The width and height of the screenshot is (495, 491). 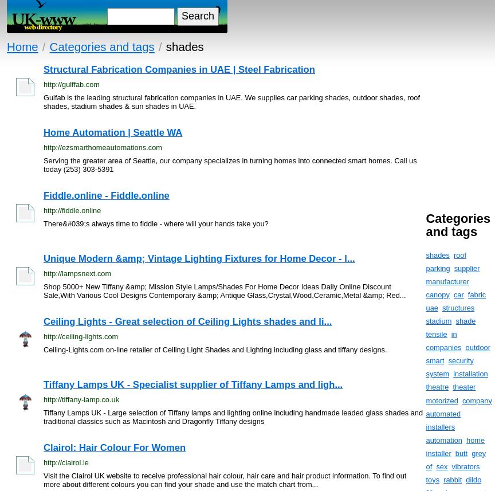 I want to click on 'car', so click(x=457, y=294).